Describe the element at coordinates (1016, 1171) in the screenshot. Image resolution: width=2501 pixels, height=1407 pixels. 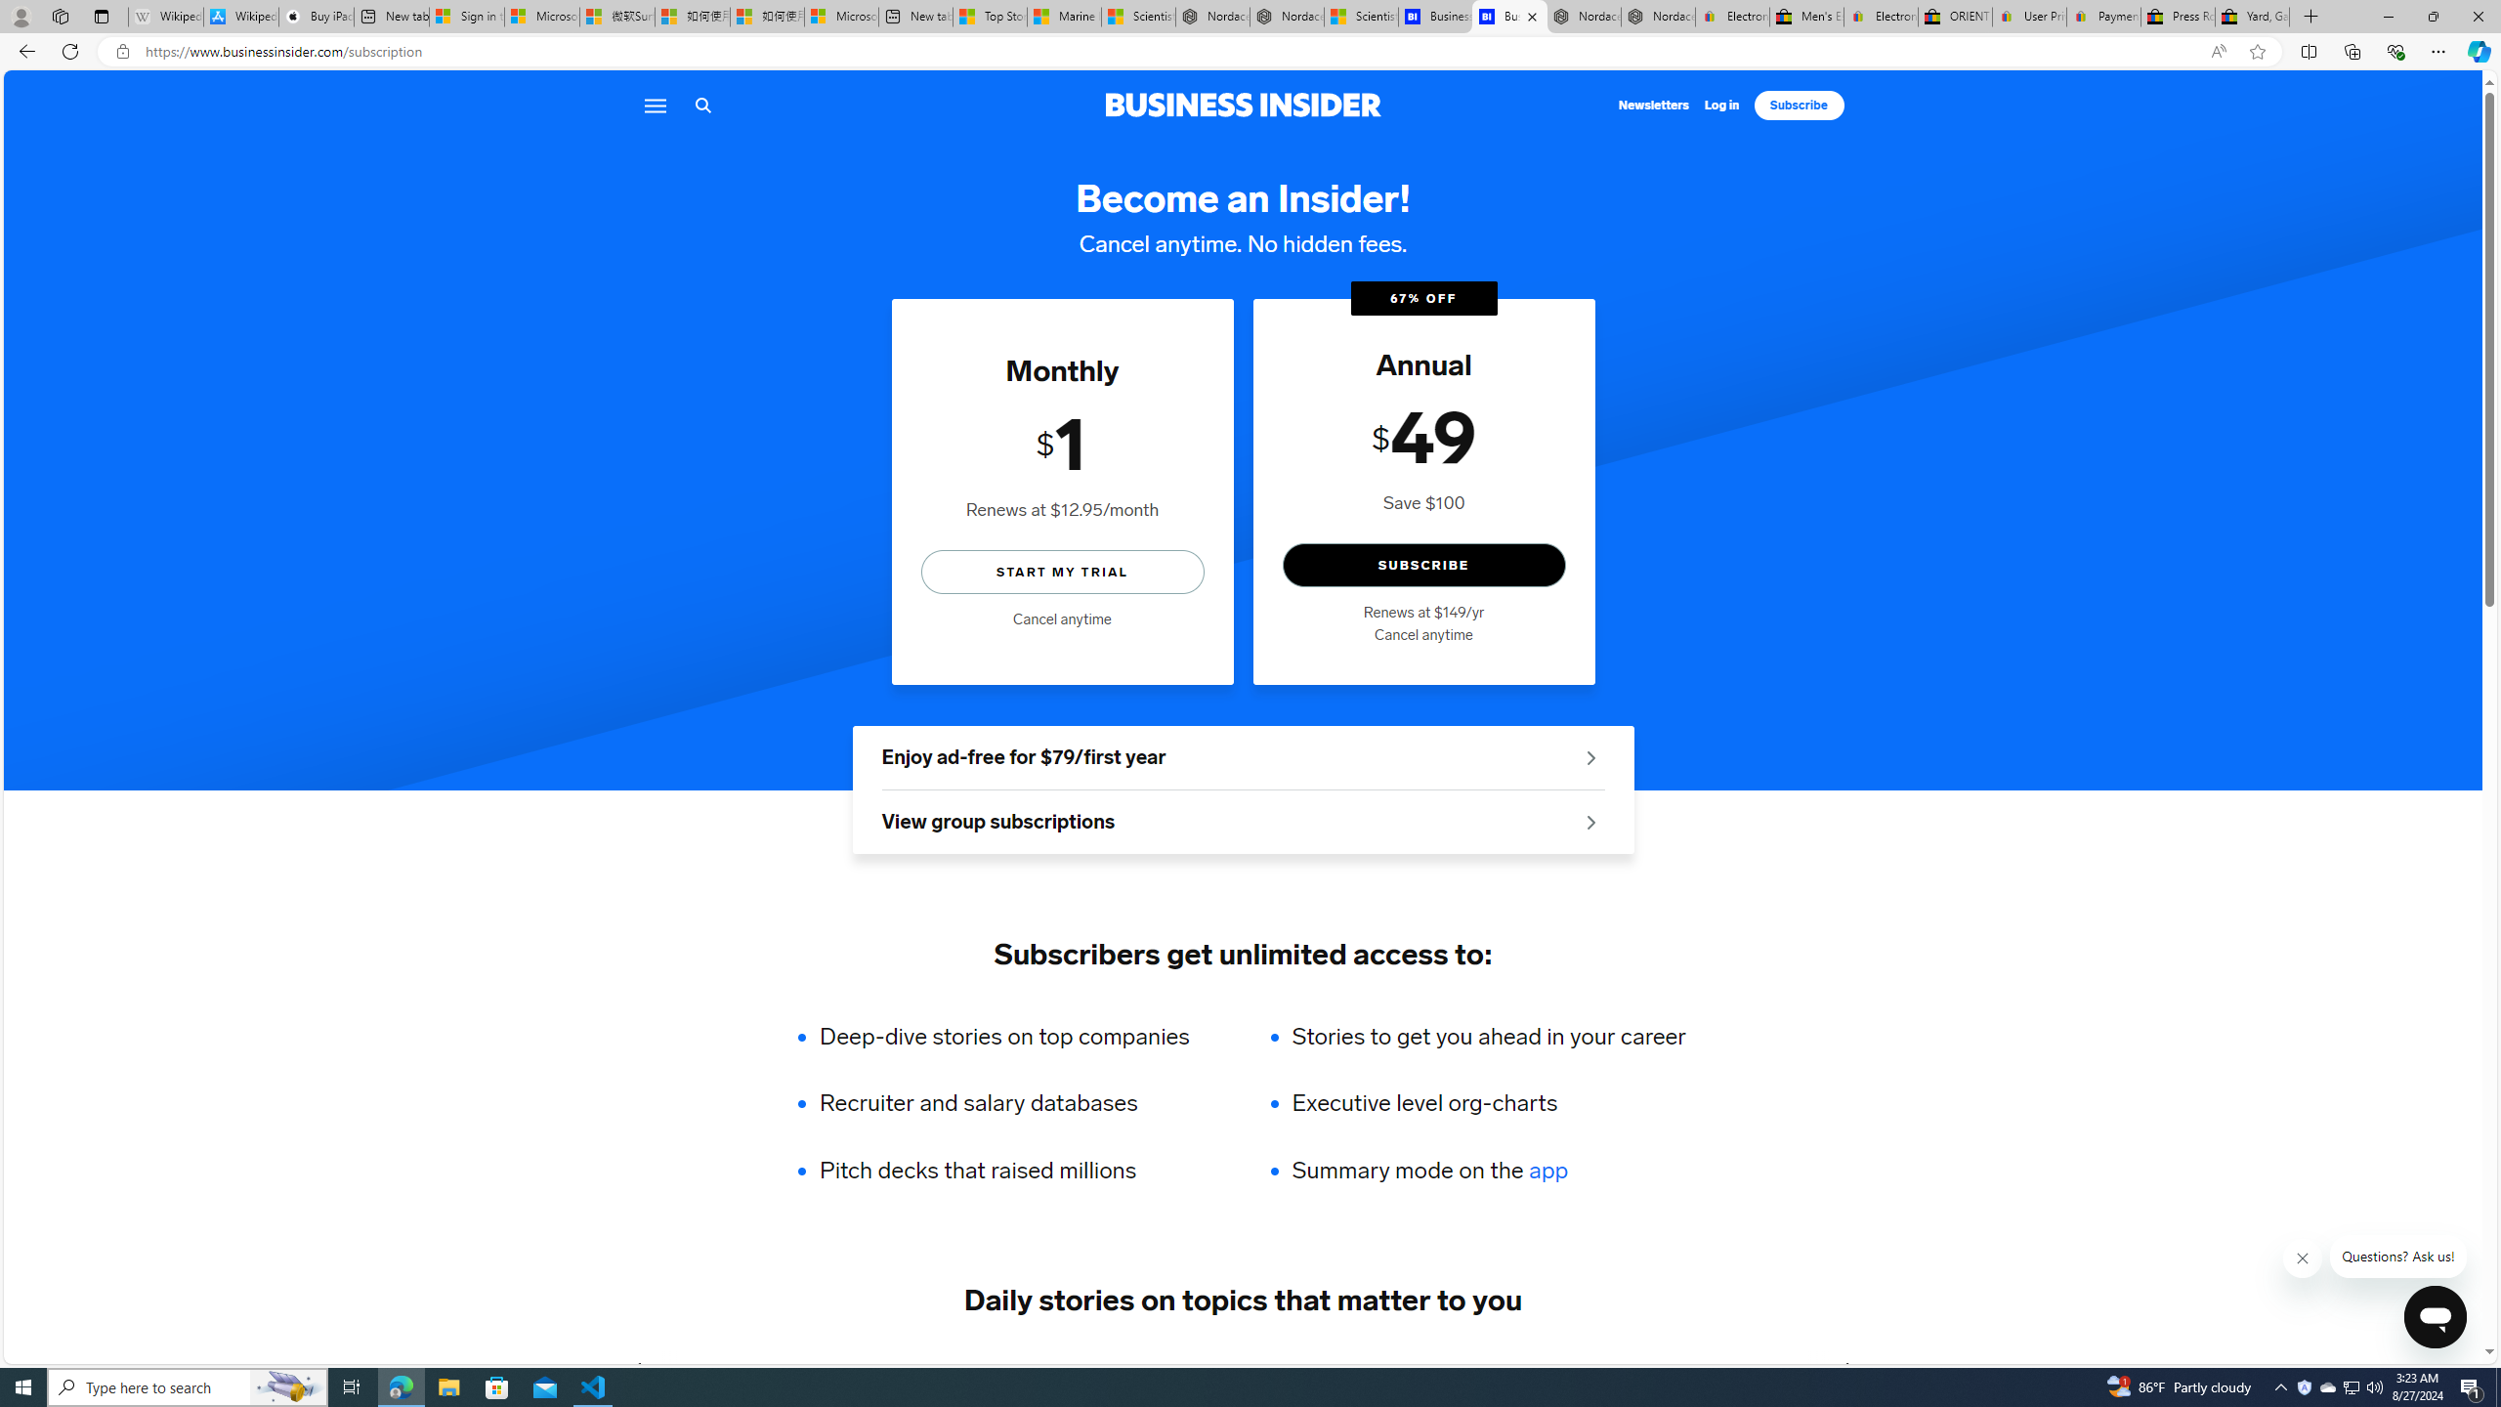
I see `'Pitch decks that raised millions'` at that location.